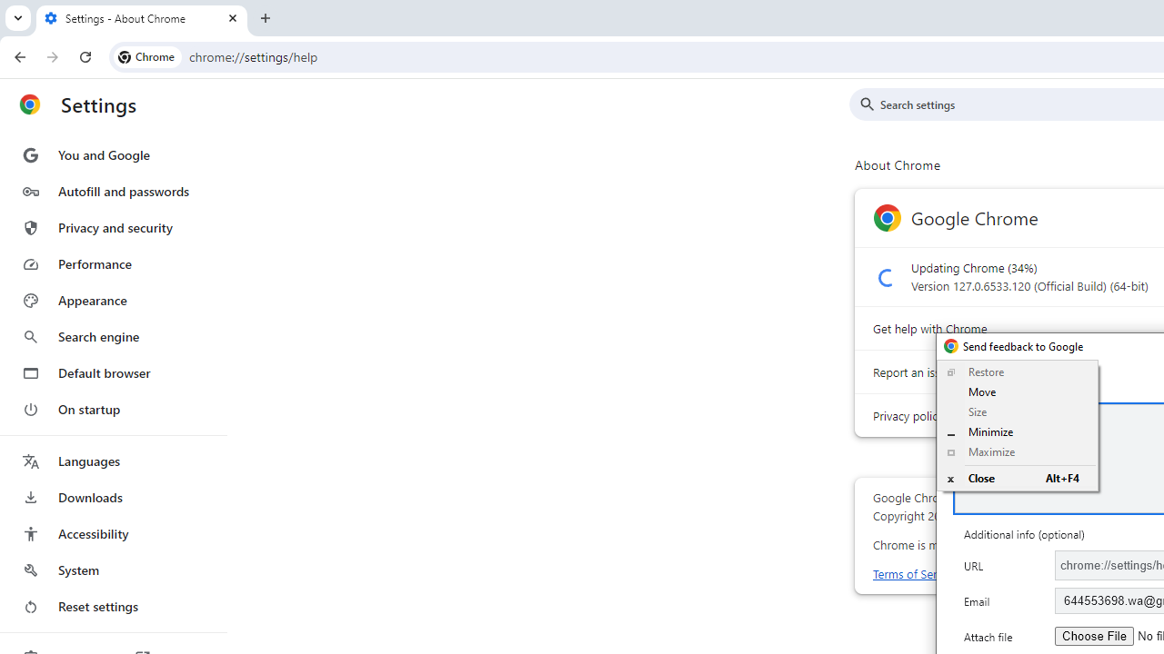  I want to click on 'On startup', so click(112, 410).